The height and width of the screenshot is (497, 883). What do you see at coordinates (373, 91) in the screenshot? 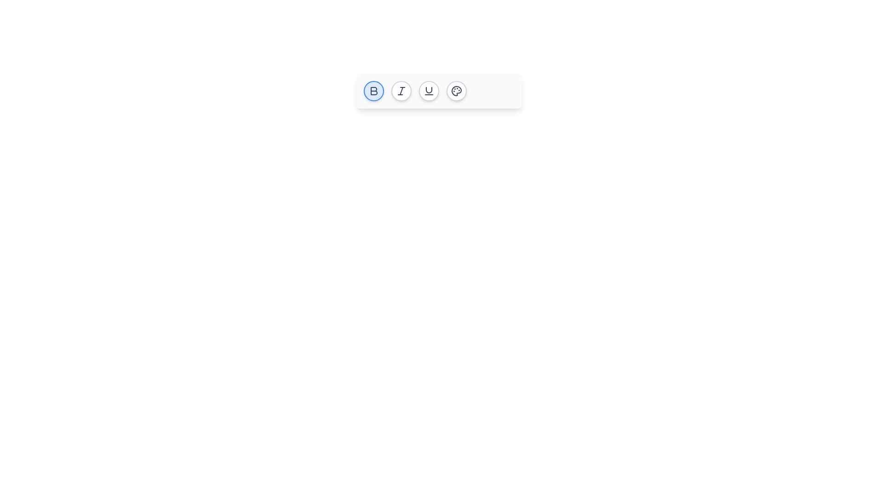
I see `the circular button with a light blue background and a bold 'B' icon, which is the leftmost item in a horizontal group of text styling buttons` at bounding box center [373, 91].